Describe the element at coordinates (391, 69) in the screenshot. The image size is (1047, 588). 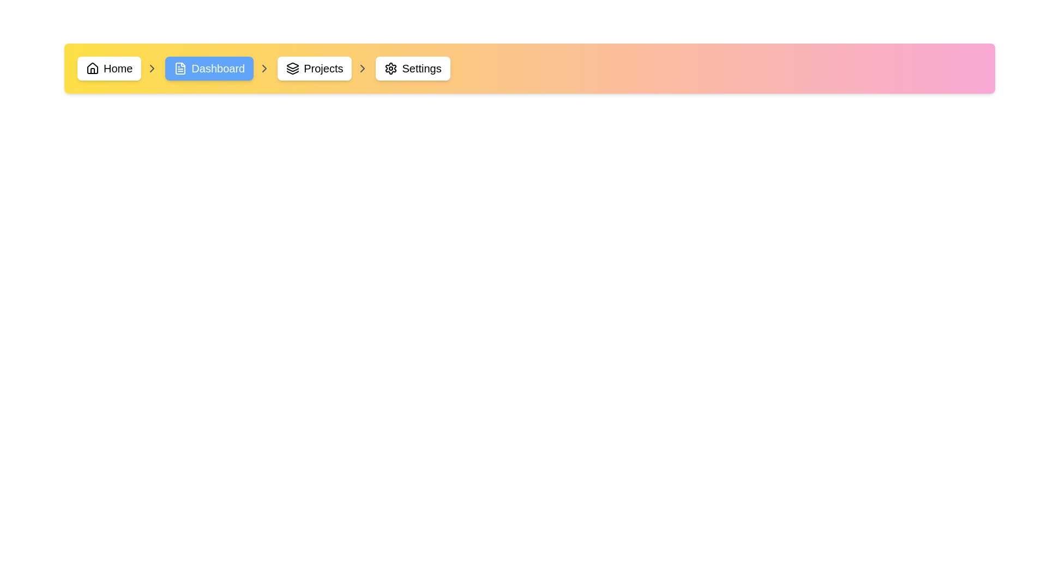
I see `the settings icon located at the rightmost end of the breadcrumb navigation bar` at that location.